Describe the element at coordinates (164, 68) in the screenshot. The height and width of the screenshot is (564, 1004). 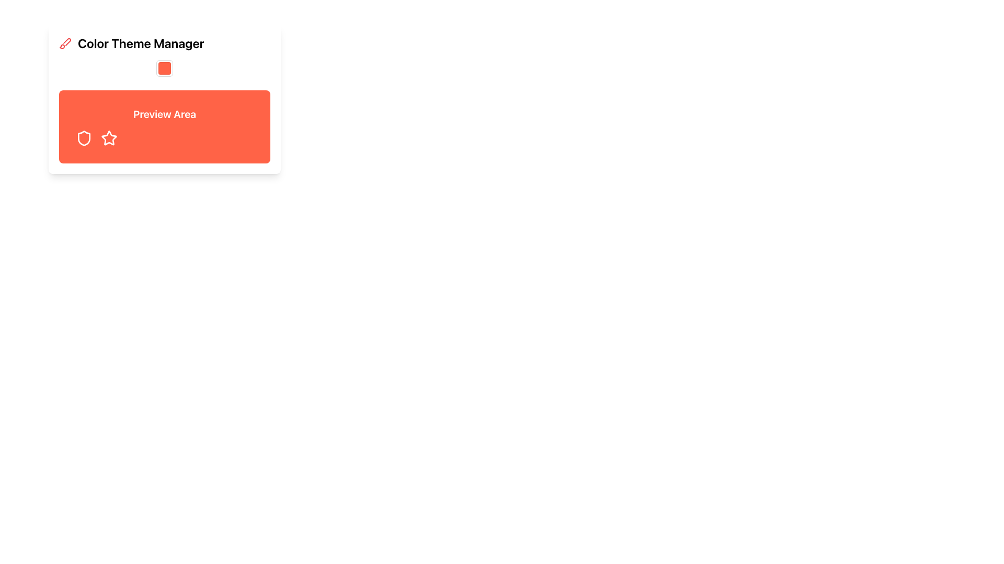
I see `the small square with rounded corners and a red background, located directly below the 'Color Theme Manager' text` at that location.